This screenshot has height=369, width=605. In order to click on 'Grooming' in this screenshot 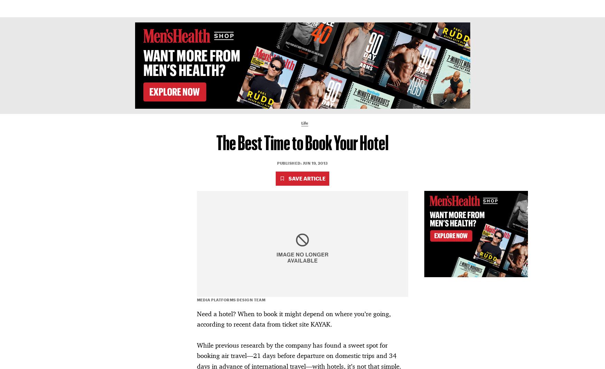, I will do `click(318, 8)`.